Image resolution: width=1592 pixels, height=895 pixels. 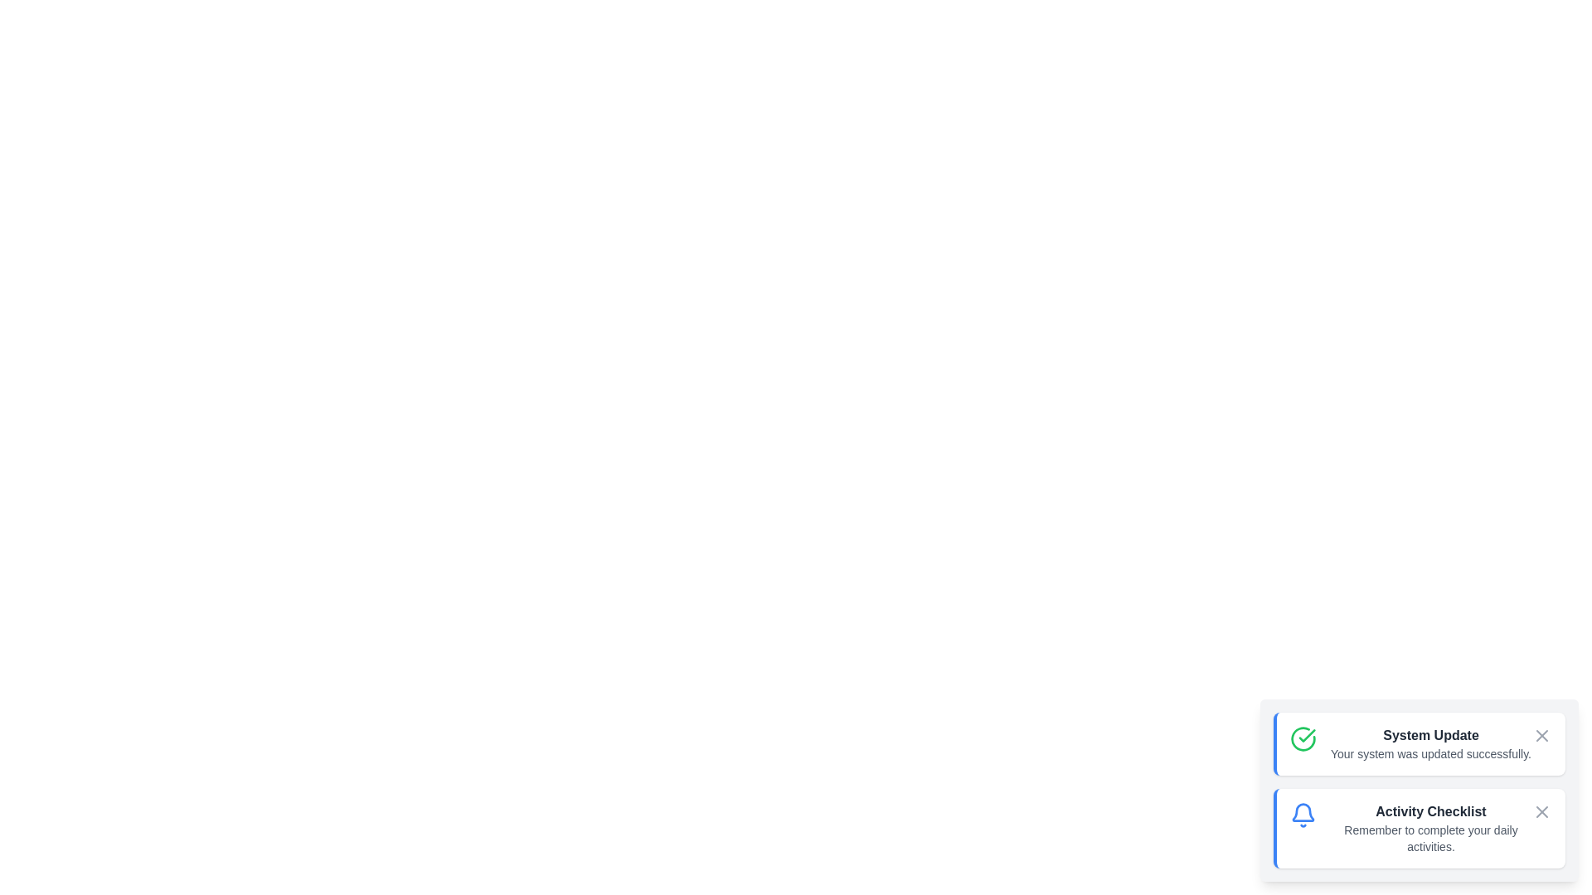 What do you see at coordinates (1419, 743) in the screenshot?
I see `the notification titled 'System Update' to inspect it` at bounding box center [1419, 743].